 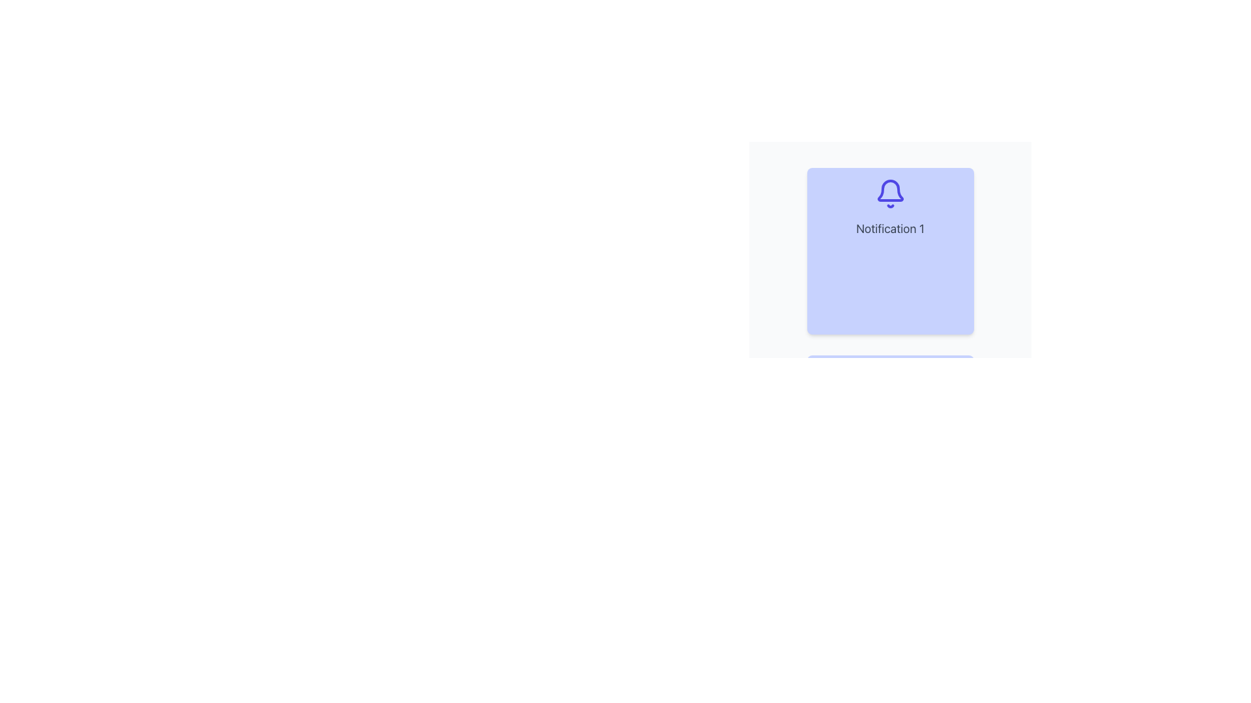 I want to click on the Notification card labeled 'Notification 1', which is the first card in a vertical stack of notification cards, so click(x=889, y=251).